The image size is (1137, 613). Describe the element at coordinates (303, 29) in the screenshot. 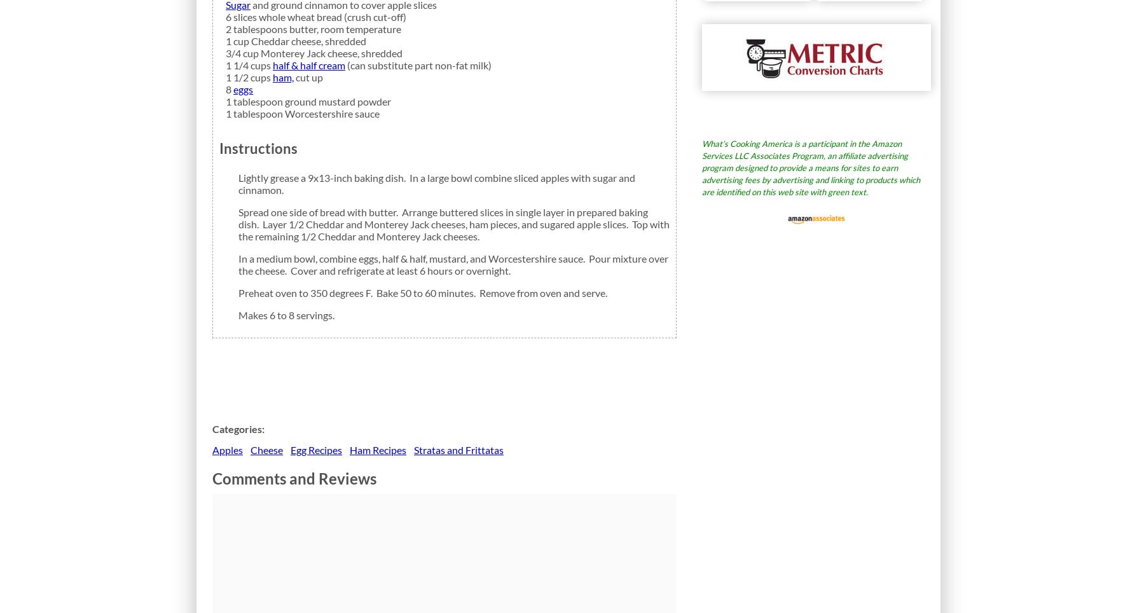

I see `'butter,'` at that location.